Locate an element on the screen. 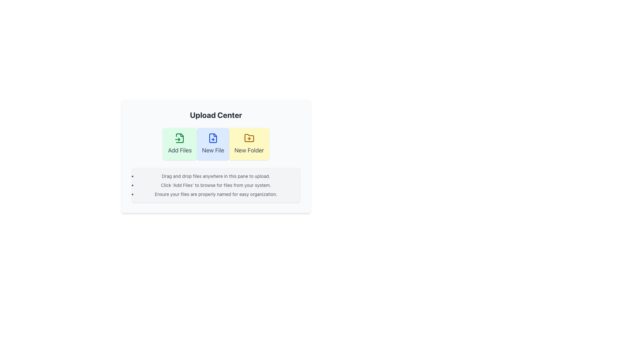 The width and height of the screenshot is (620, 348). the 'Create New File' button located in the 'Upload Center', positioned between the 'Add Files' button and the 'New Folder' button is located at coordinates (213, 144).